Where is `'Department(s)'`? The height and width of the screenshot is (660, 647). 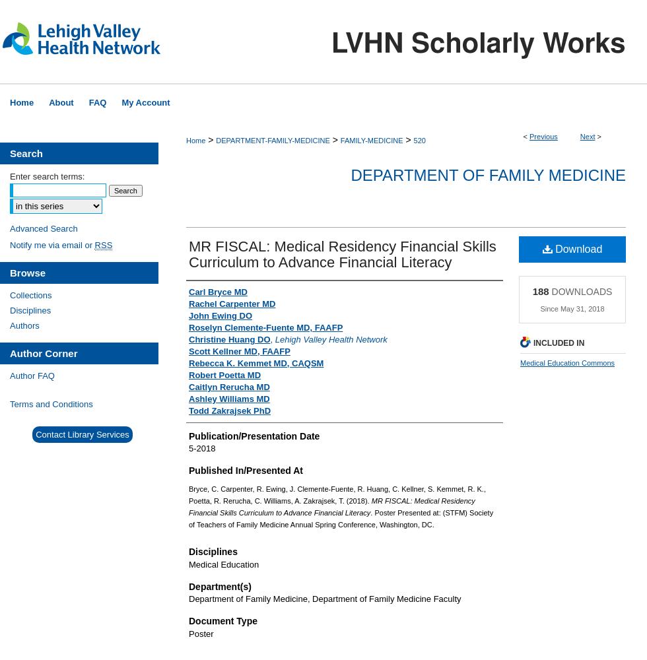
'Department(s)' is located at coordinates (220, 586).